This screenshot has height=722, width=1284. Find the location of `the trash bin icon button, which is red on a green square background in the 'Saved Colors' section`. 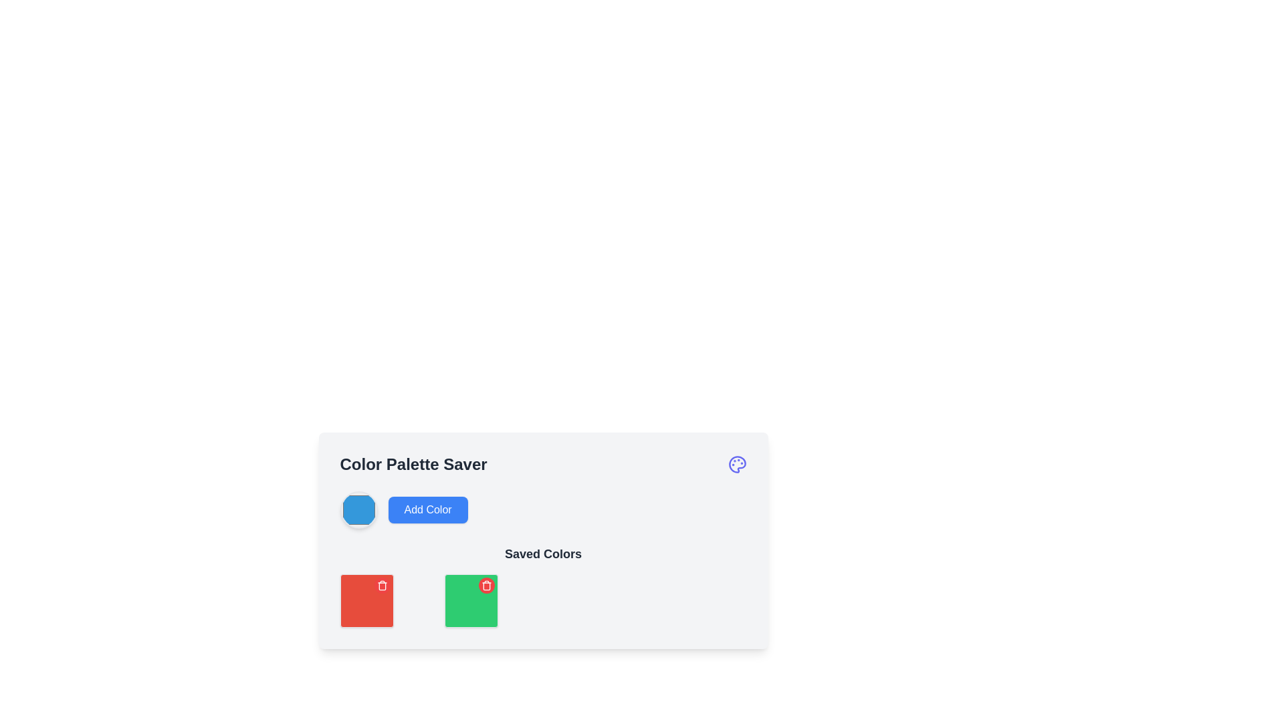

the trash bin icon button, which is red on a green square background in the 'Saved Colors' section is located at coordinates (486, 584).